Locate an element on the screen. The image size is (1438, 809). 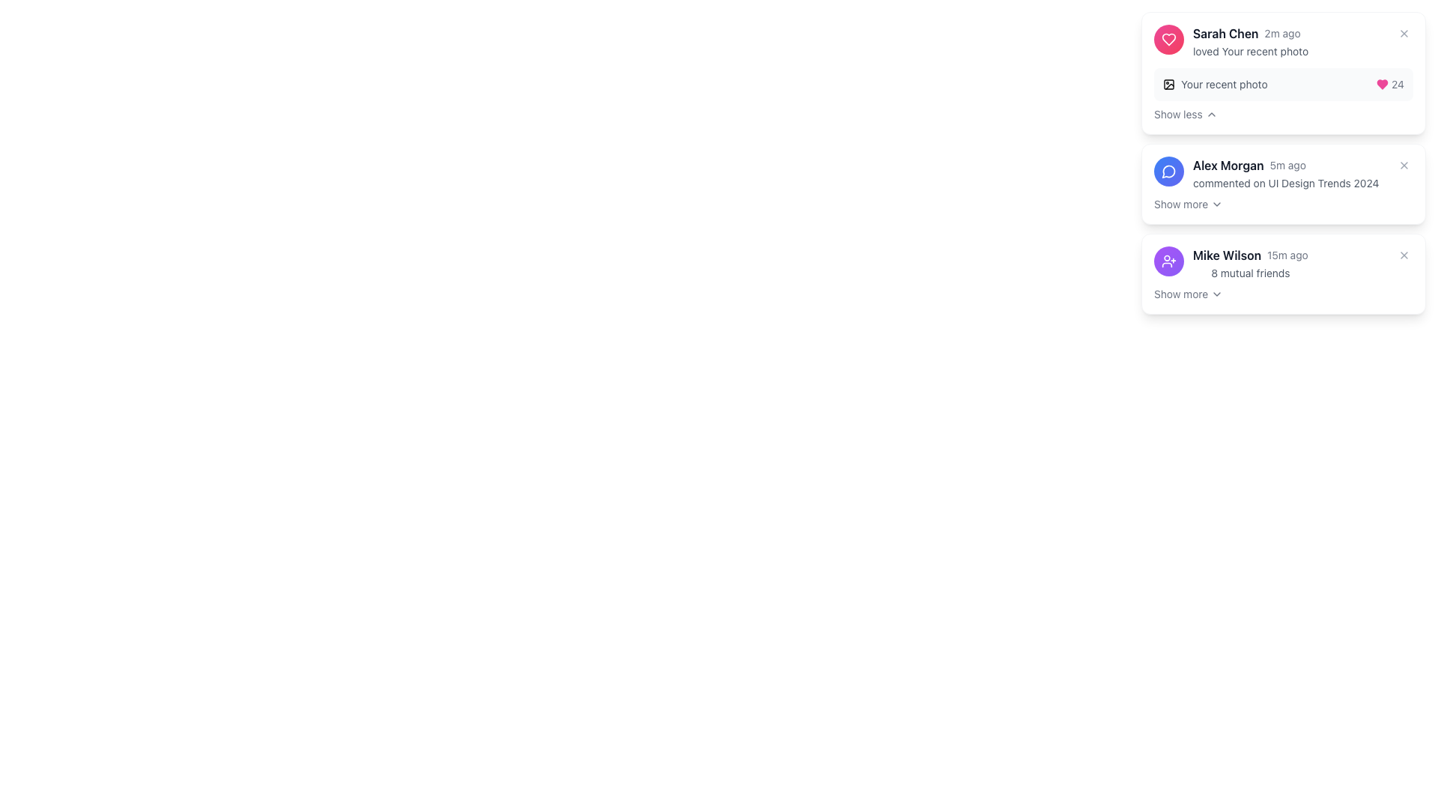
the heart-shaped pink icon representing likes in the notification section for 'Sarah Chen' next to the recent photo message is located at coordinates (1168, 39).